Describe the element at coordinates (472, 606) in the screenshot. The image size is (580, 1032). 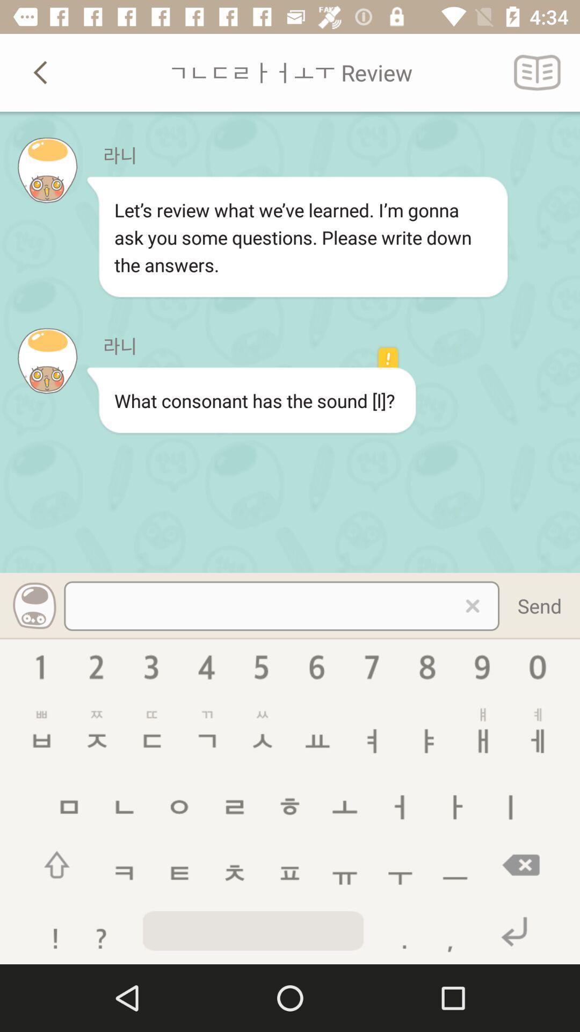
I see `the close icon` at that location.